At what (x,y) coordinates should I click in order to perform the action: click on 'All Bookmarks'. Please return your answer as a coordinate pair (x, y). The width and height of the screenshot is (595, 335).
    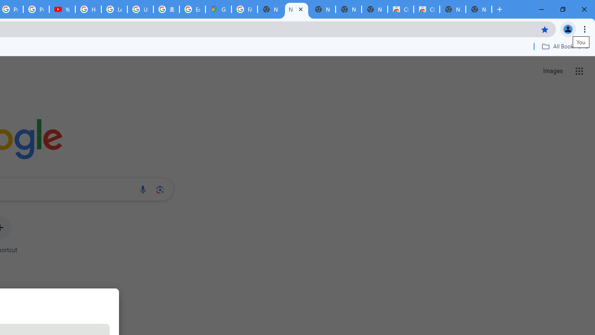
    Looking at the image, I should click on (564, 46).